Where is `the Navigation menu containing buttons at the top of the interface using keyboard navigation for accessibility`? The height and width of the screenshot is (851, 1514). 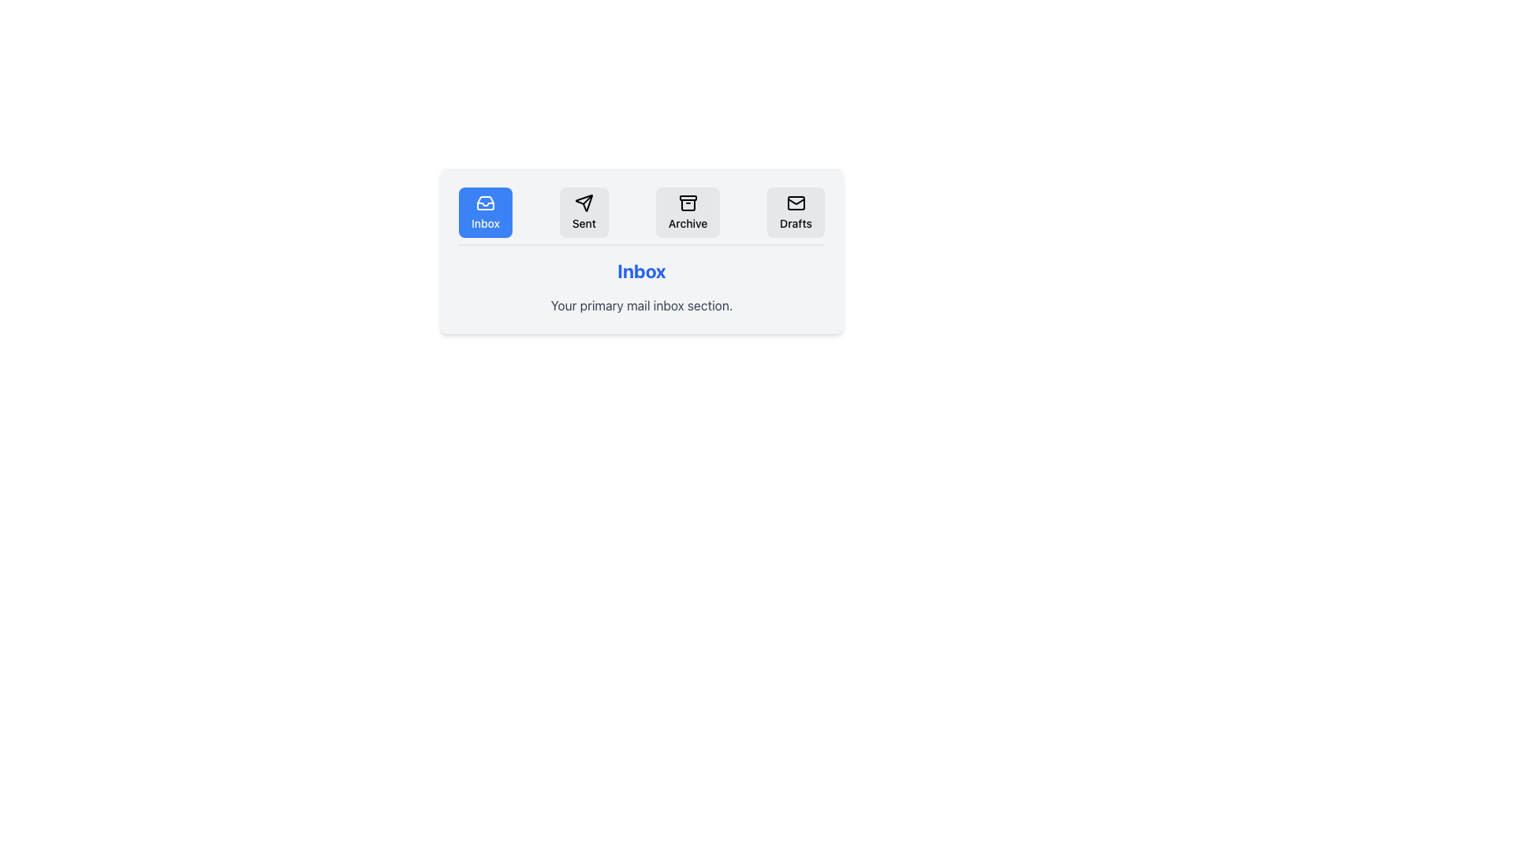
the Navigation menu containing buttons at the top of the interface using keyboard navigation for accessibility is located at coordinates (642, 216).